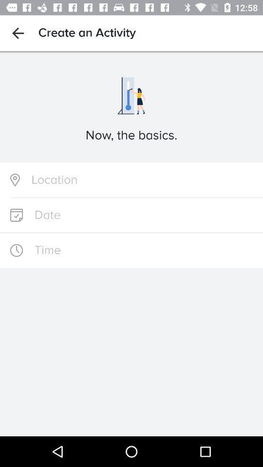 This screenshot has height=467, width=263. What do you see at coordinates (131, 250) in the screenshot?
I see `set time` at bounding box center [131, 250].